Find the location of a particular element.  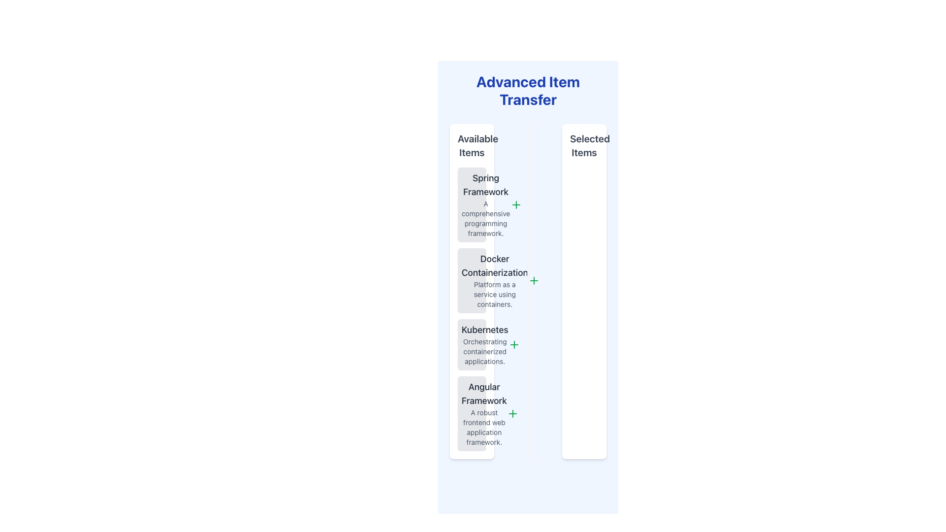

the first item in the 'Available Items' list is located at coordinates (472, 204).